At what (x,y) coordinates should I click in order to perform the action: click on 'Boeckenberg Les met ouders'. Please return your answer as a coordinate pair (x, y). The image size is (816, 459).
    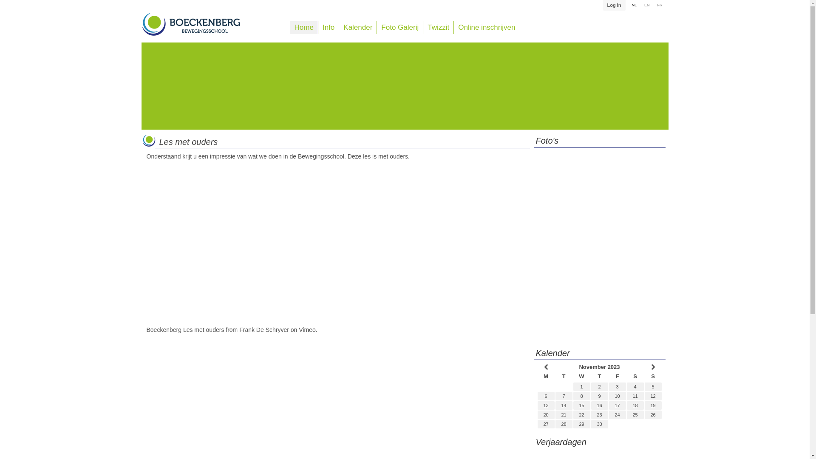
    Looking at the image, I should click on (184, 329).